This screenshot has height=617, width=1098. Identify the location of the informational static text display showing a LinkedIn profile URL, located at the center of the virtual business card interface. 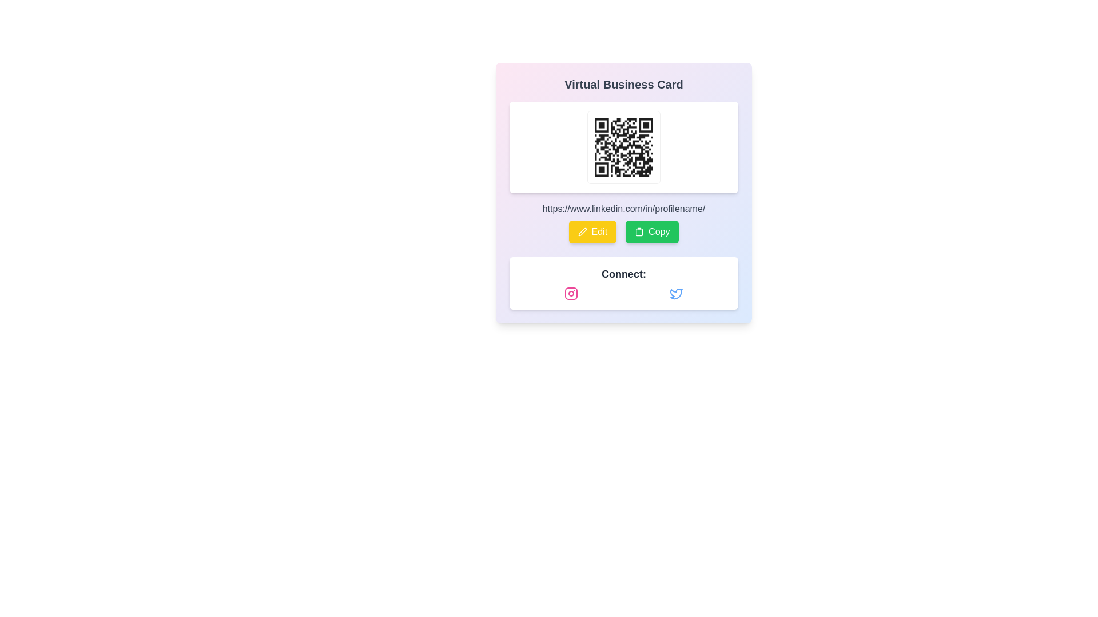
(623, 209).